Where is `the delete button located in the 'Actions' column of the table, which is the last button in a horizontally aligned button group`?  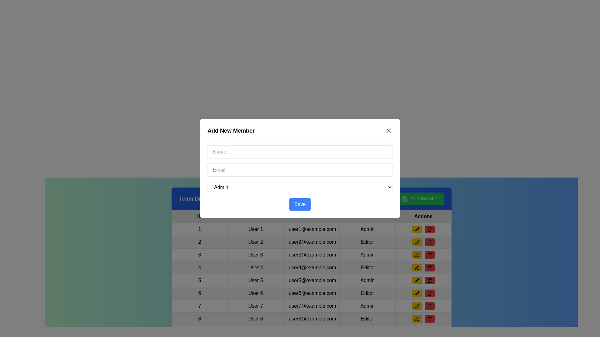 the delete button located in the 'Actions' column of the table, which is the last button in a horizontally aligned button group is located at coordinates (429, 305).